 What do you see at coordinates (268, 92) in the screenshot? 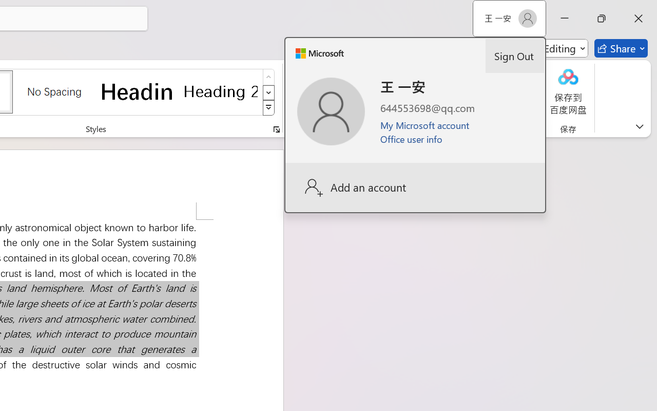
I see `'Row Down'` at bounding box center [268, 92].